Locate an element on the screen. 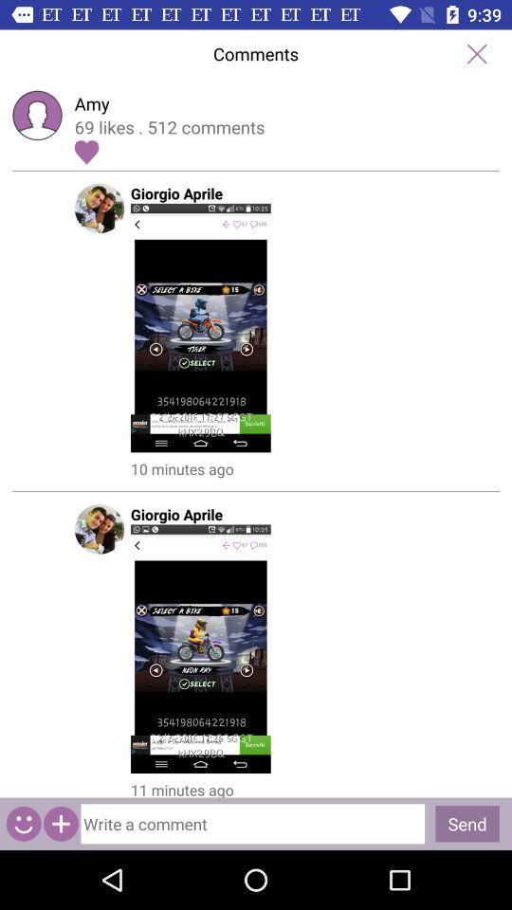  comment here is located at coordinates (252, 823).